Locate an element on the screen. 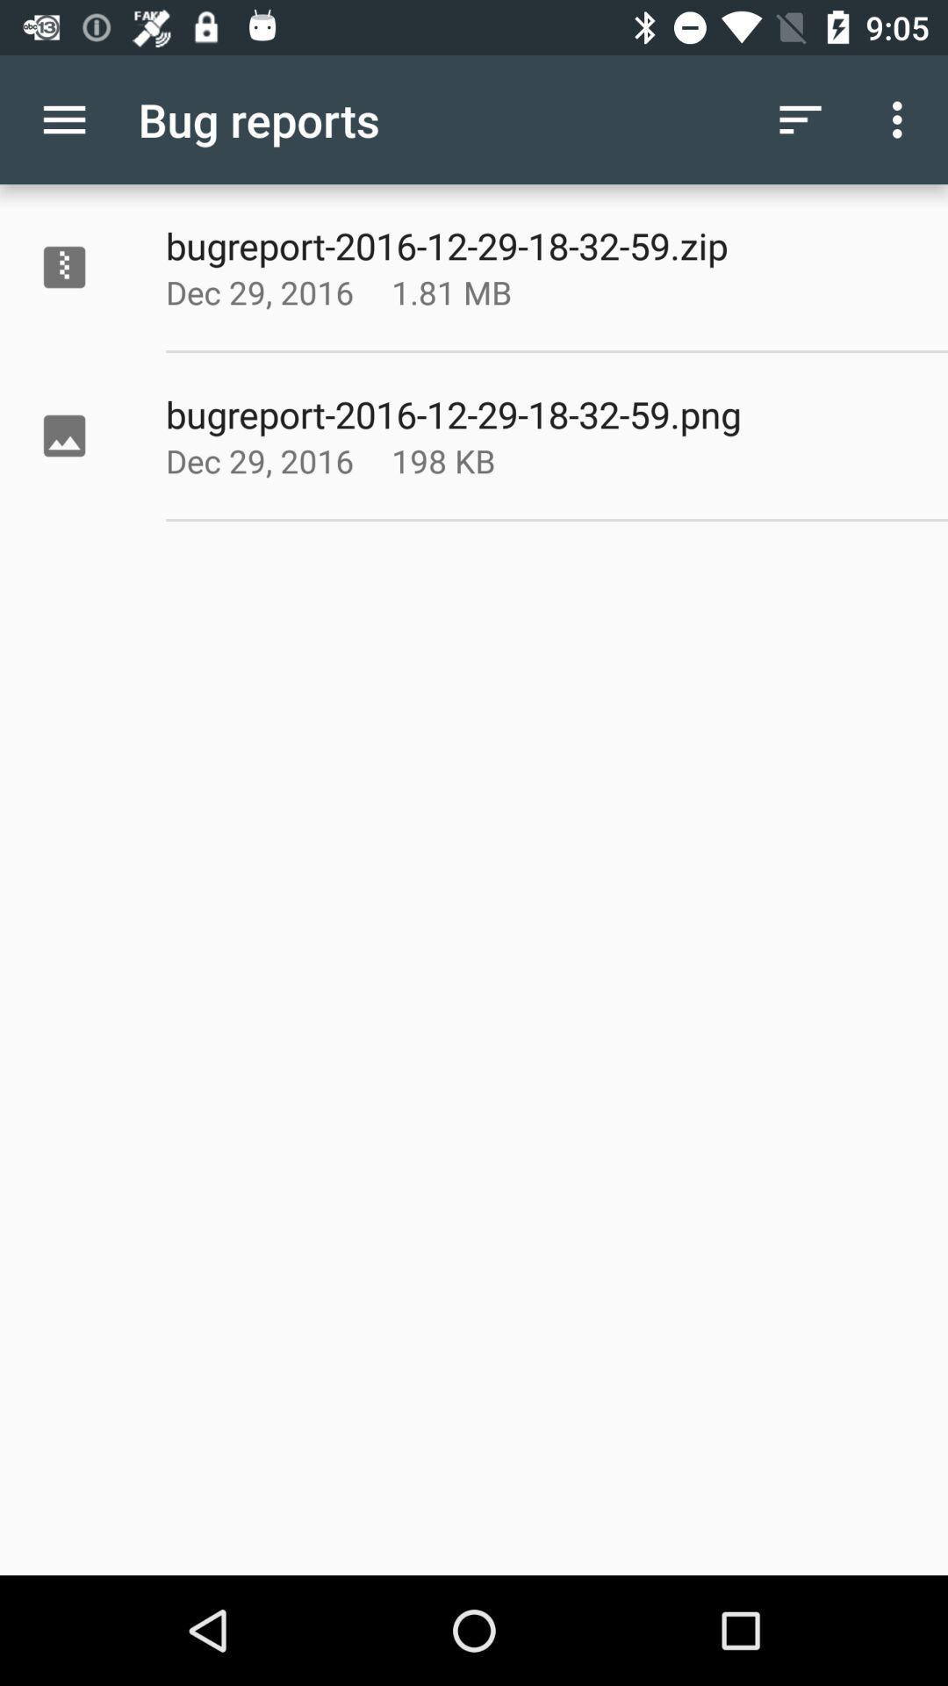 The height and width of the screenshot is (1686, 948). item next to the bug reports item is located at coordinates (63, 119).